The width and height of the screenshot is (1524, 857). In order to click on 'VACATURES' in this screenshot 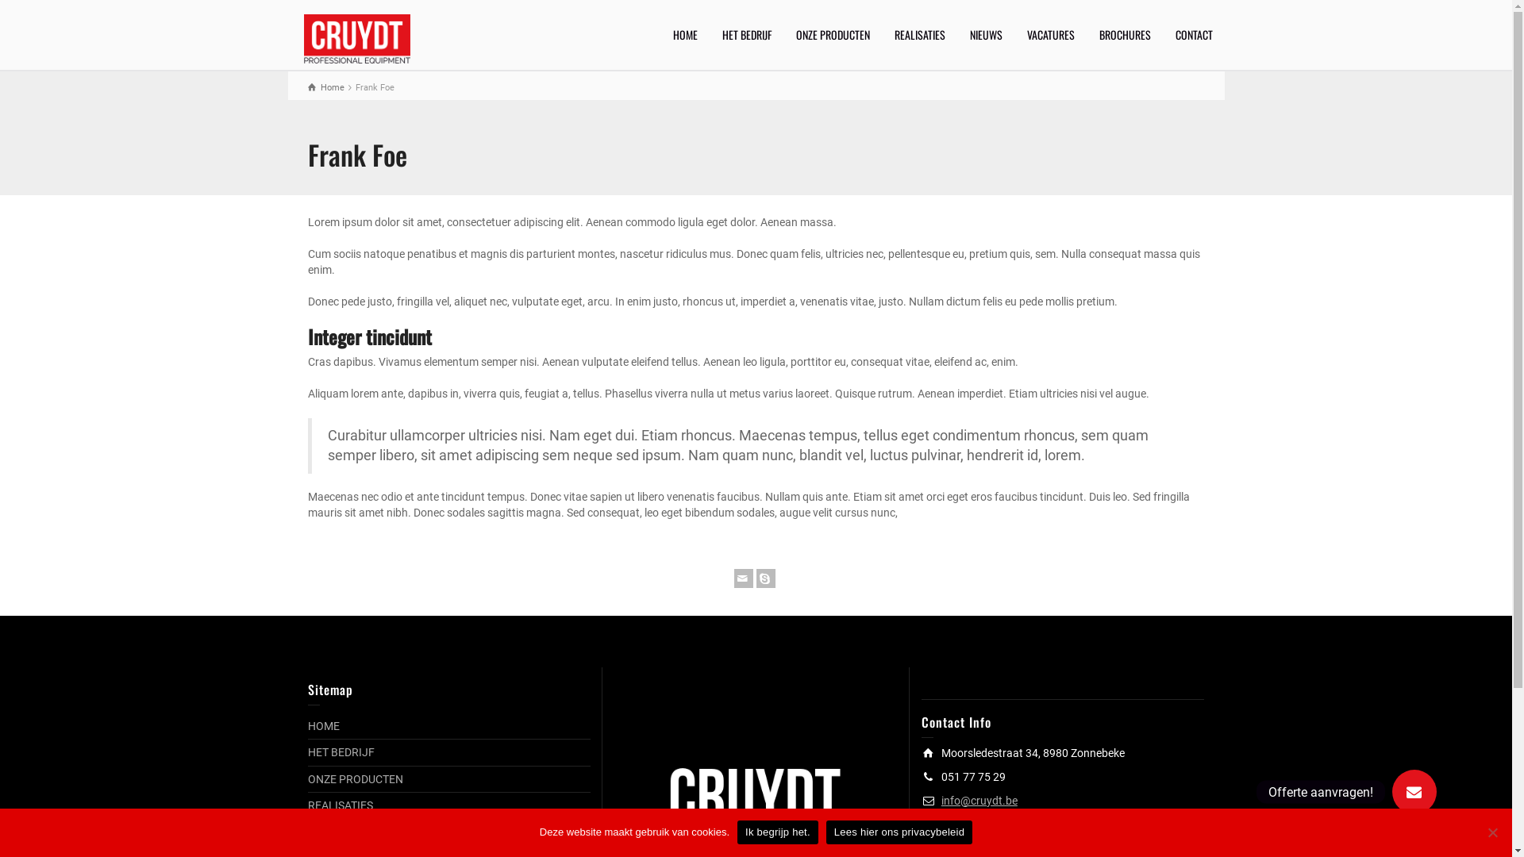, I will do `click(1050, 34)`.